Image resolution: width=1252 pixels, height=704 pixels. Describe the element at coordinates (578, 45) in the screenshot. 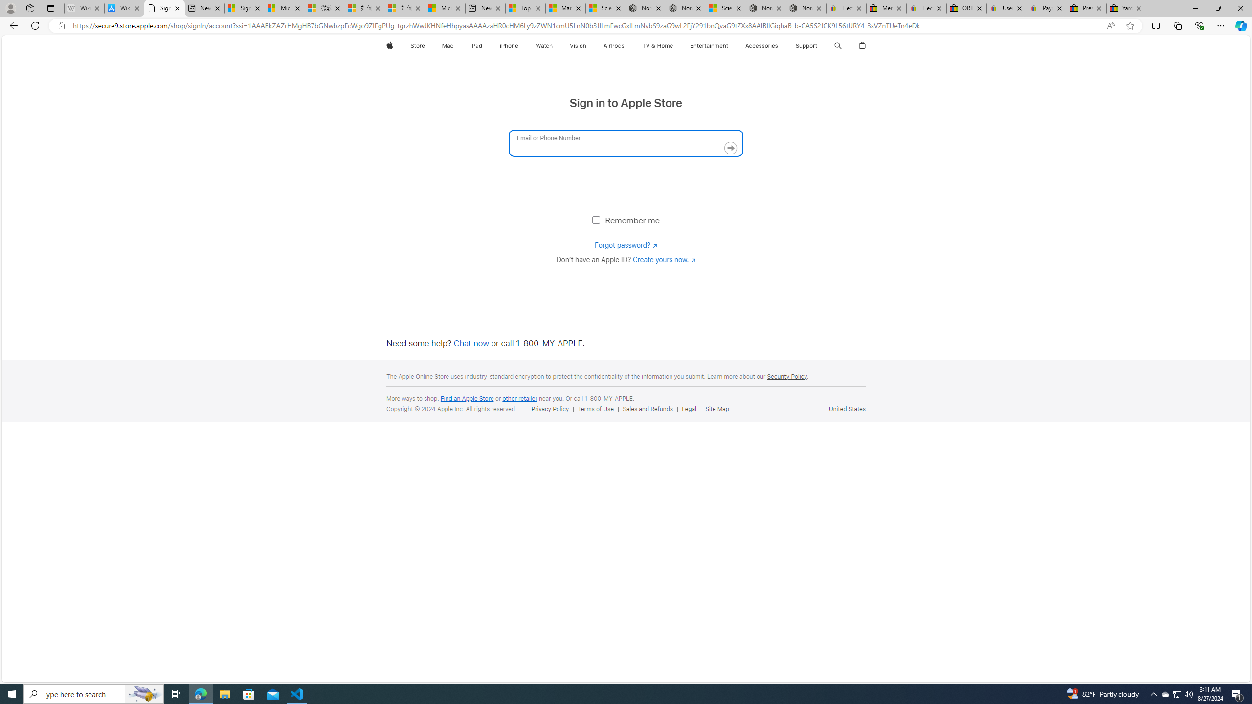

I see `'Vision'` at that location.